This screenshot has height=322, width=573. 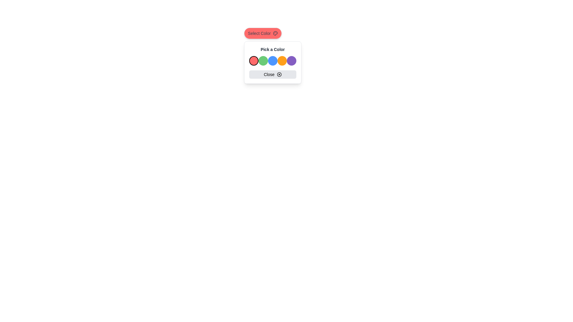 What do you see at coordinates (279, 74) in the screenshot?
I see `the close icon located within the 'Close' button in the color selection interface beneath the 'Pick a Color' label` at bounding box center [279, 74].